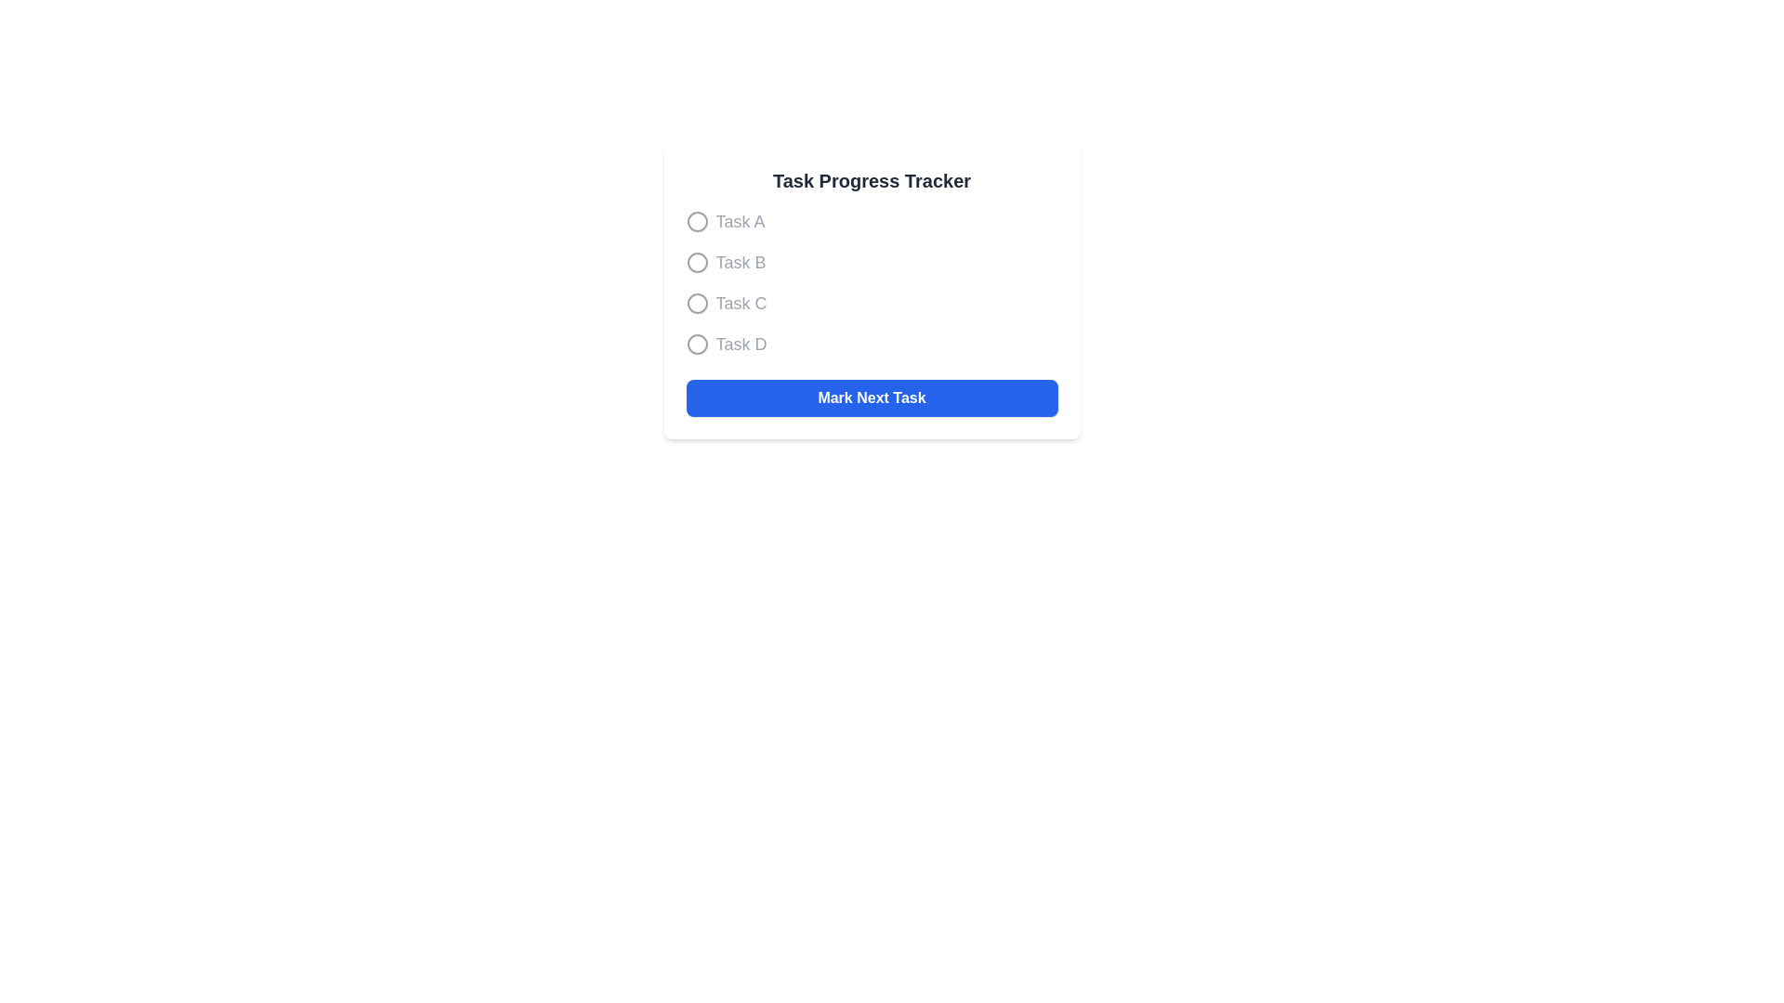 The image size is (1784, 1003). Describe the element at coordinates (740, 303) in the screenshot. I see `the Text Label for 'Task C', which is the third item in the 'Task Progress Tracker' list, positioned after 'Task A' and 'Task B'` at that location.